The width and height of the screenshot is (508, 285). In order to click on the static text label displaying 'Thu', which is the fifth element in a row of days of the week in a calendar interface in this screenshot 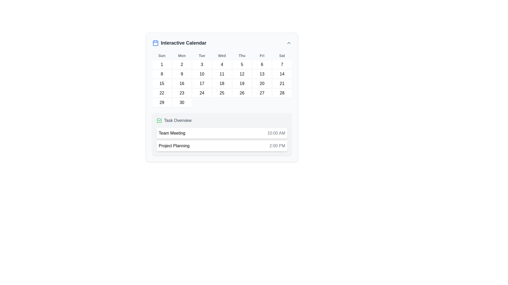, I will do `click(242, 56)`.